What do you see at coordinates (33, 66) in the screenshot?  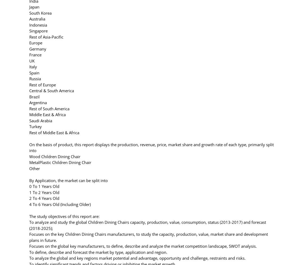 I see `'Italy'` at bounding box center [33, 66].